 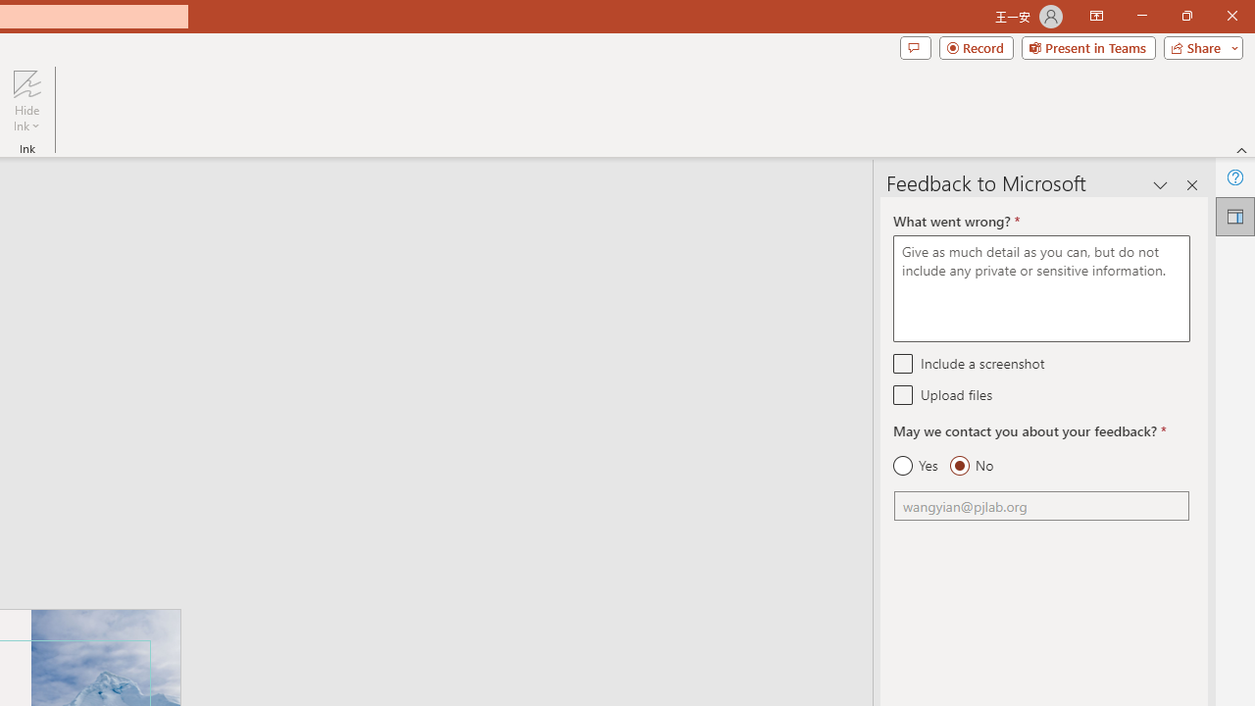 What do you see at coordinates (902, 363) in the screenshot?
I see `'Include a screenshot'` at bounding box center [902, 363].